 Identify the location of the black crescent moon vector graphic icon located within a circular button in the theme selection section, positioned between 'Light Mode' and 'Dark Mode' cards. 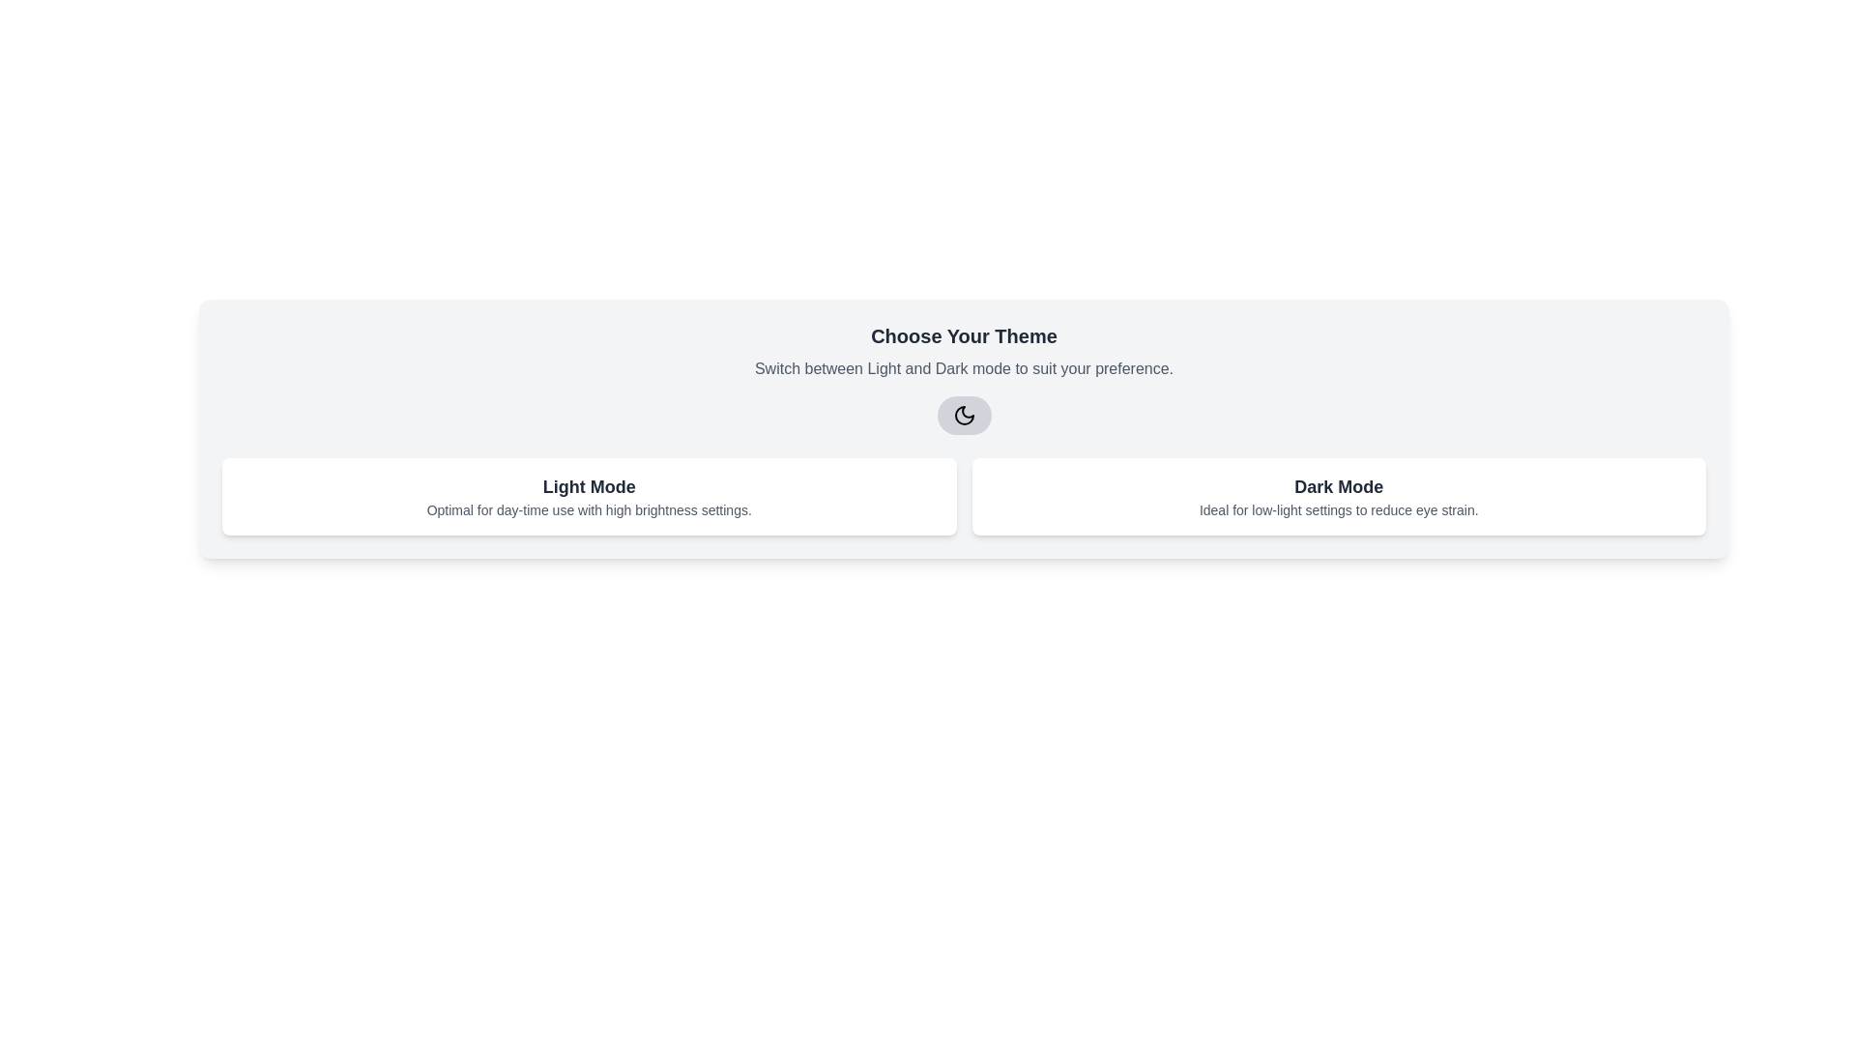
(964, 414).